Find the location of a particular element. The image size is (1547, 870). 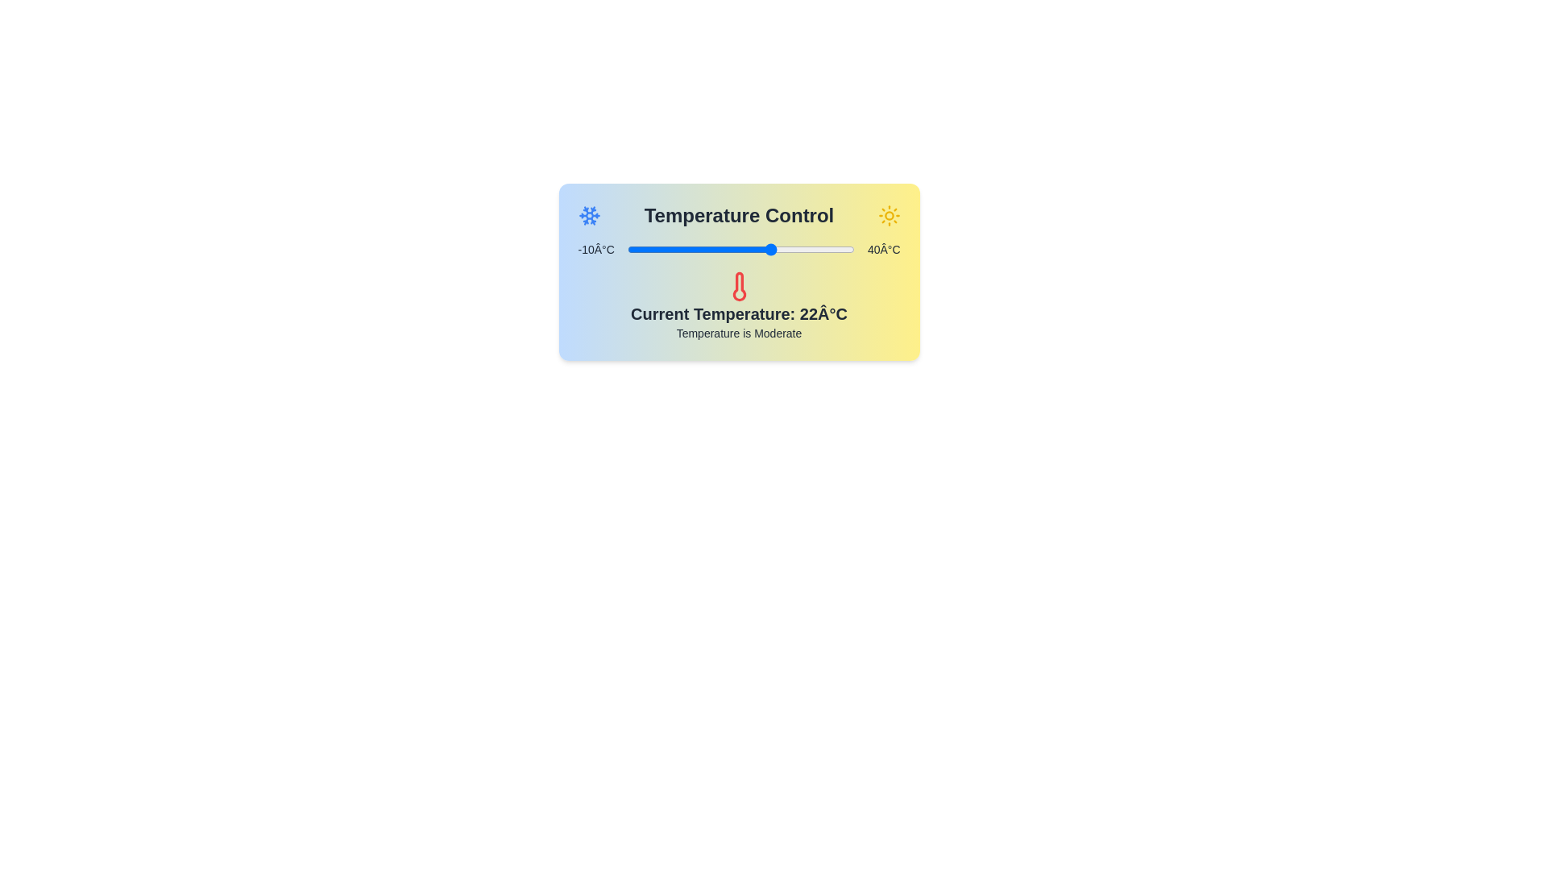

the slider to set the temperature to 22°C is located at coordinates (772, 249).